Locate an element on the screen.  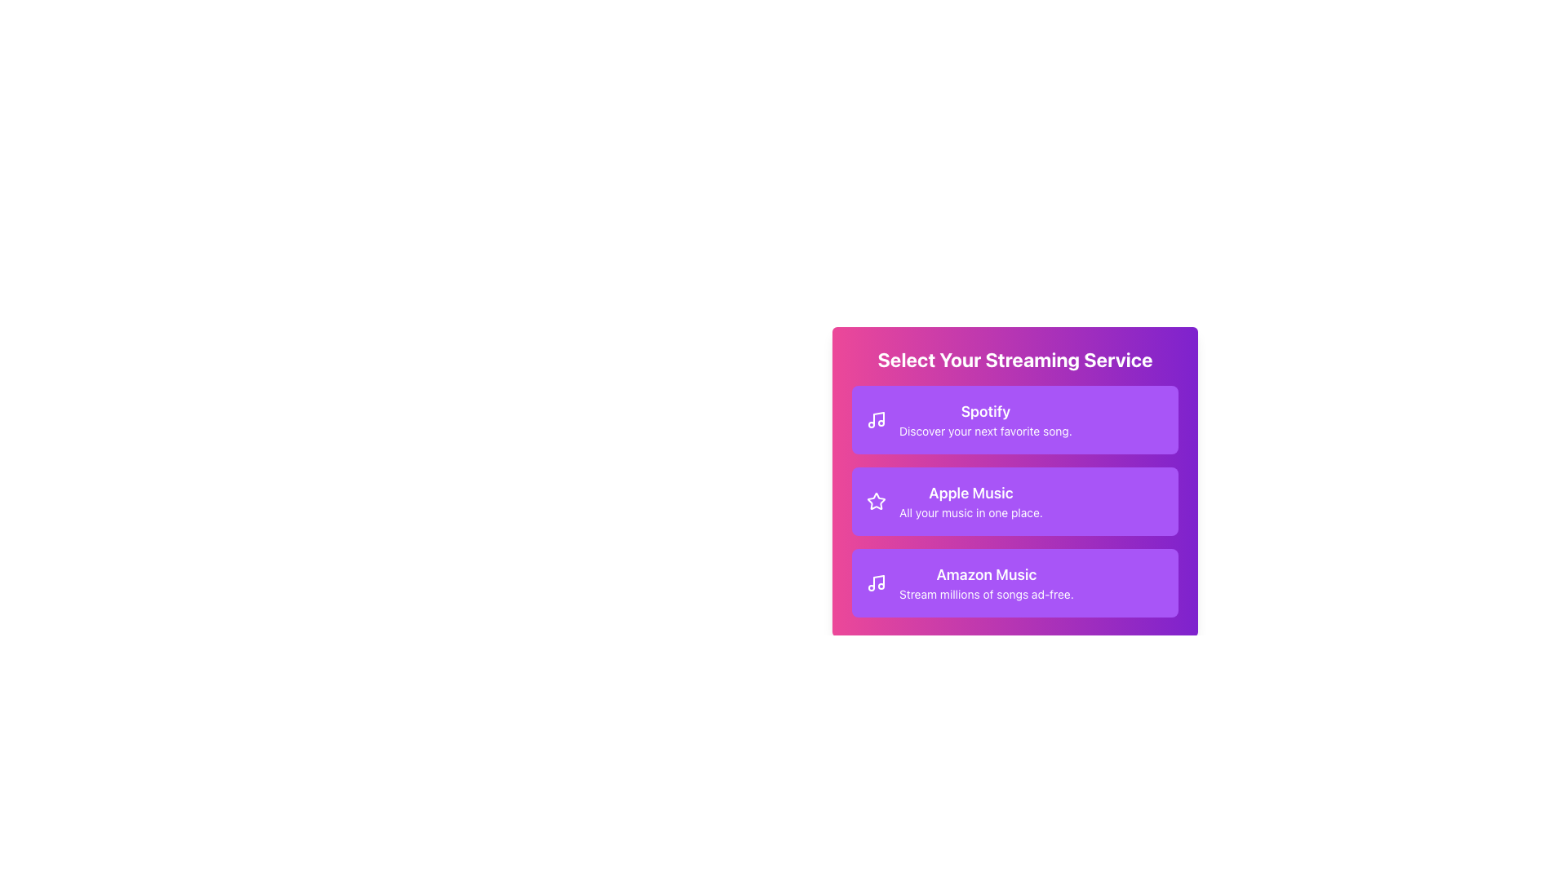
the topmost item in the list of streaming service options for Spotify, located directly below the header 'Select Your Streaming Service.' is located at coordinates (969, 419).